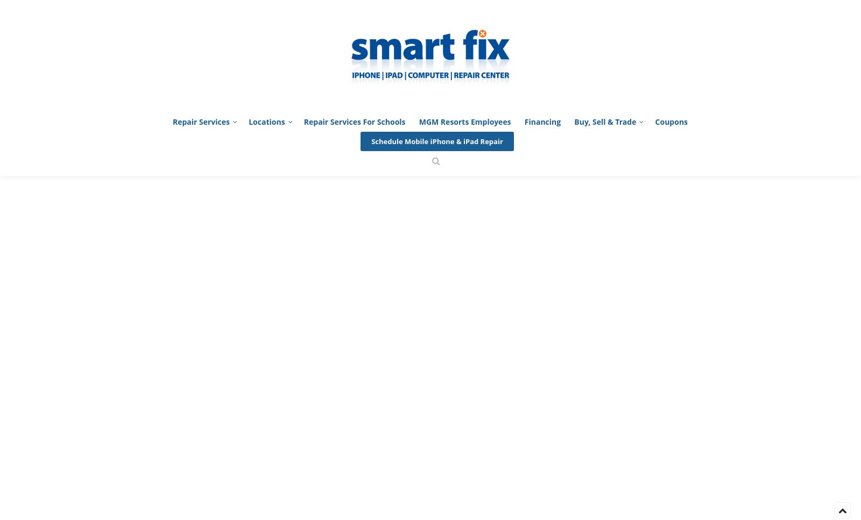 Image resolution: width=861 pixels, height=520 pixels. I want to click on 'today.', so click(632, 157).